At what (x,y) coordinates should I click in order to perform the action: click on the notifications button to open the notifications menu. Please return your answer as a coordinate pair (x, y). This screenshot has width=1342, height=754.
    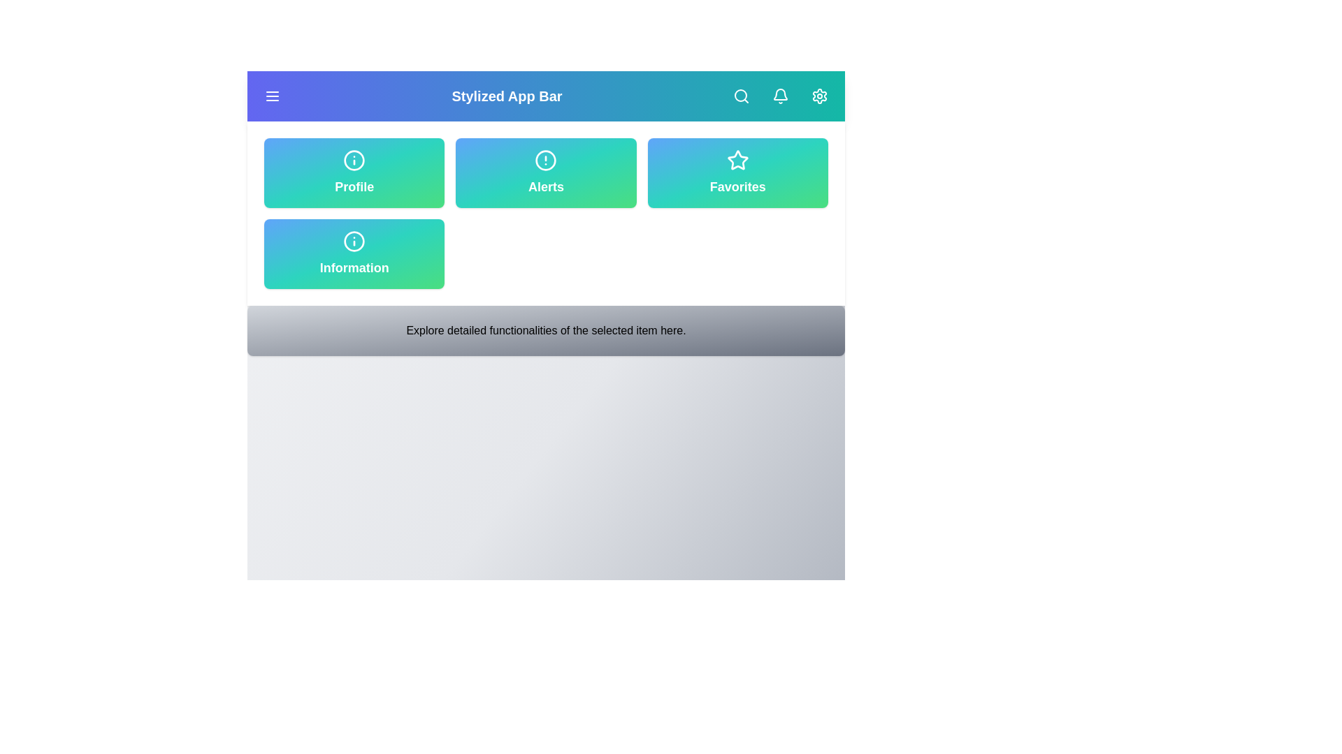
    Looking at the image, I should click on (780, 96).